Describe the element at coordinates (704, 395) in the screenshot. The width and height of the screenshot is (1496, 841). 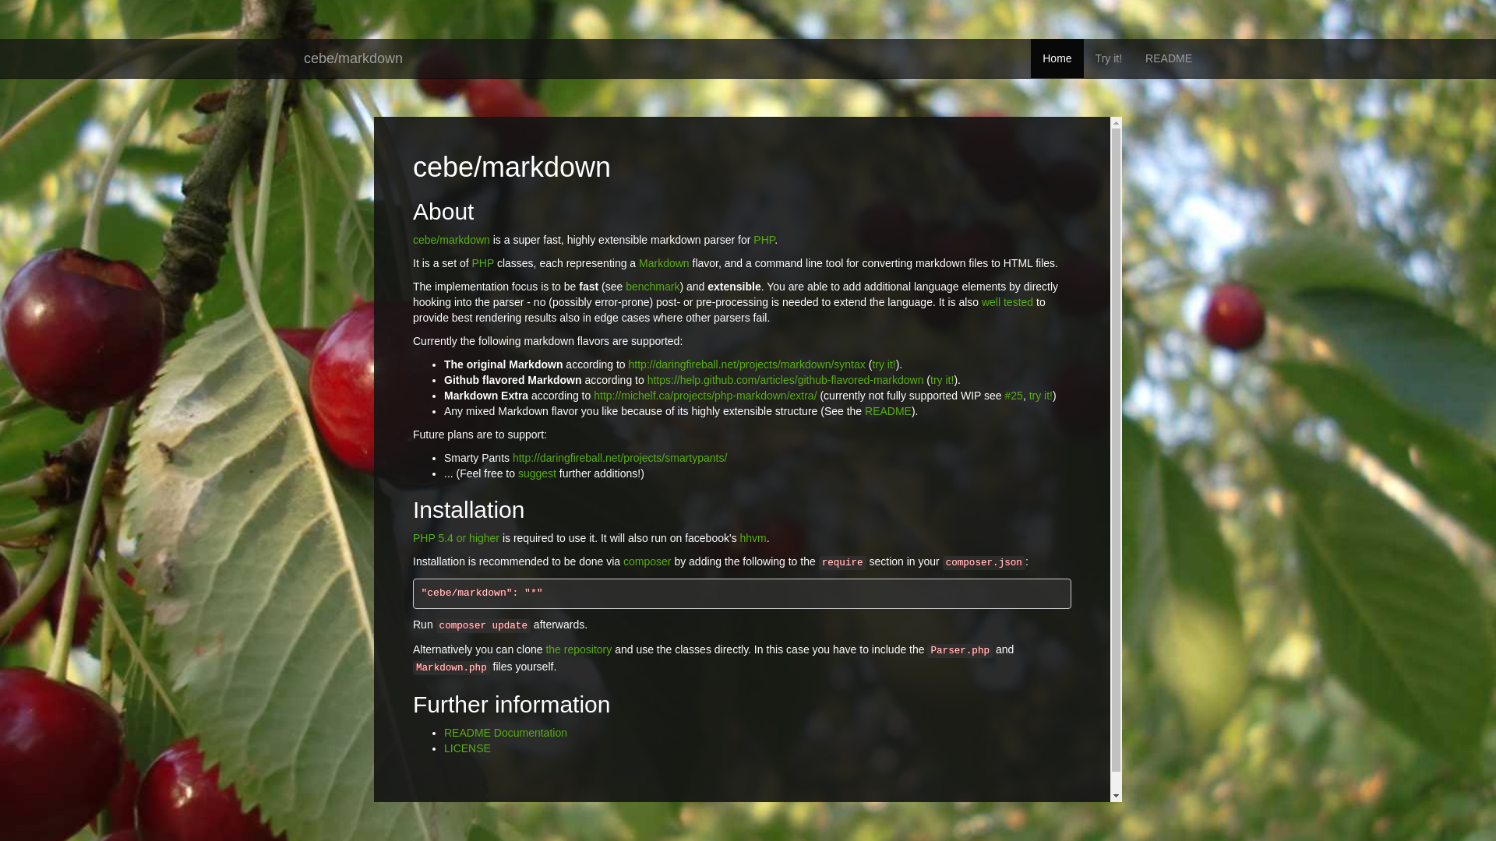
I see `'http://michelf.ca/projects/php-markdown/extra/'` at that location.